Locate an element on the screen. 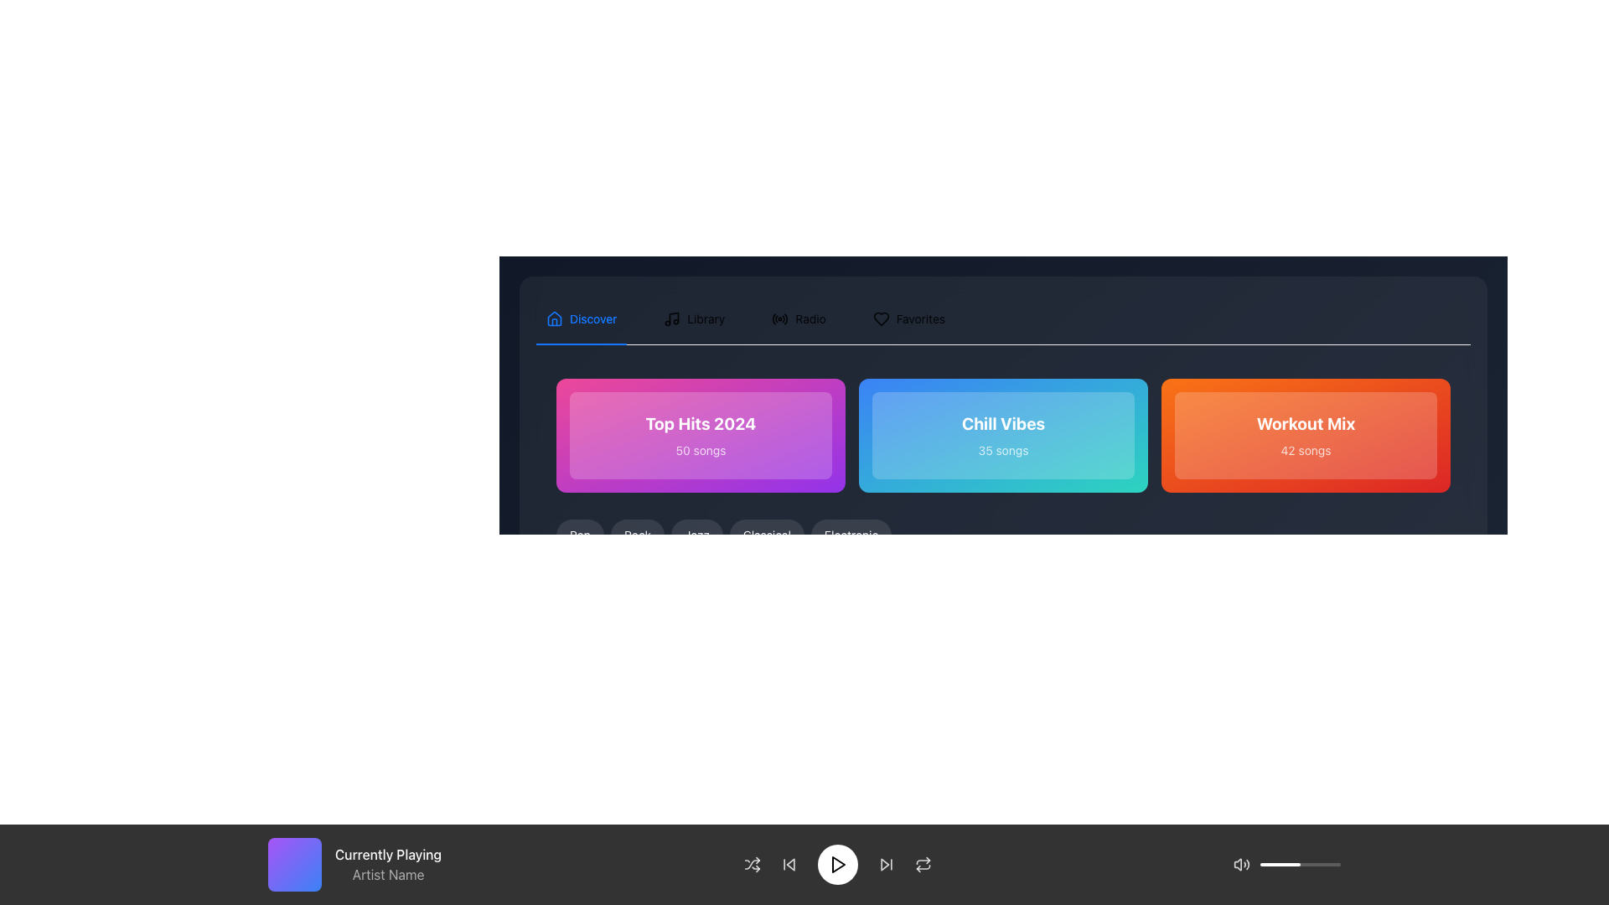 The height and width of the screenshot is (905, 1609). the 'Workout Mix' playlist card, which is the third card in the horizontal sequence within the 'Discover' section, to potentially reveal more information is located at coordinates (1305, 435).